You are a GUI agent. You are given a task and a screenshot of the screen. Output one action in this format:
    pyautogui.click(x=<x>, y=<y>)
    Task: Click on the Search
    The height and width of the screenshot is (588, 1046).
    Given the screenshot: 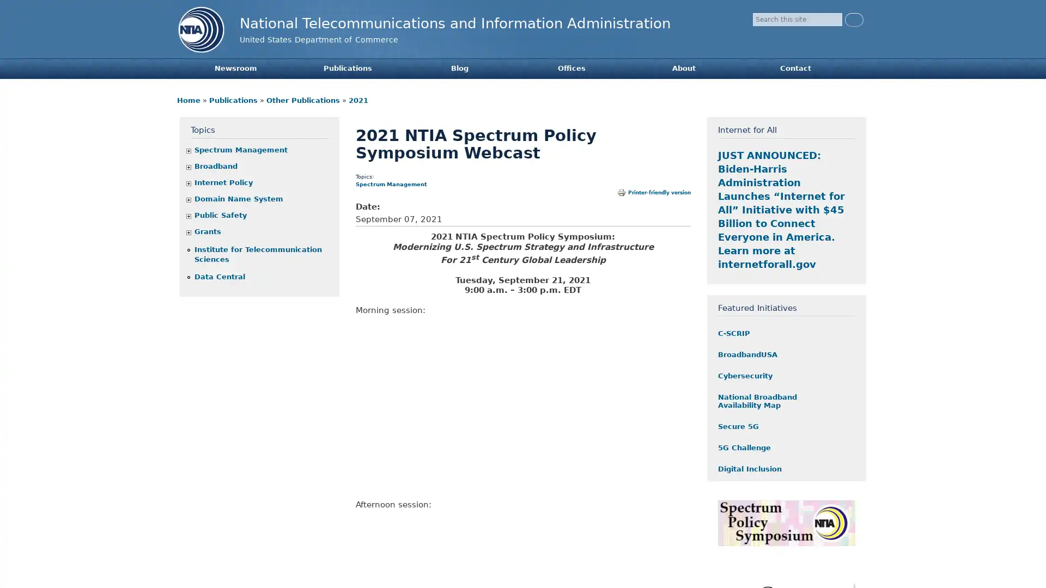 What is the action you would take?
    pyautogui.click(x=854, y=20)
    